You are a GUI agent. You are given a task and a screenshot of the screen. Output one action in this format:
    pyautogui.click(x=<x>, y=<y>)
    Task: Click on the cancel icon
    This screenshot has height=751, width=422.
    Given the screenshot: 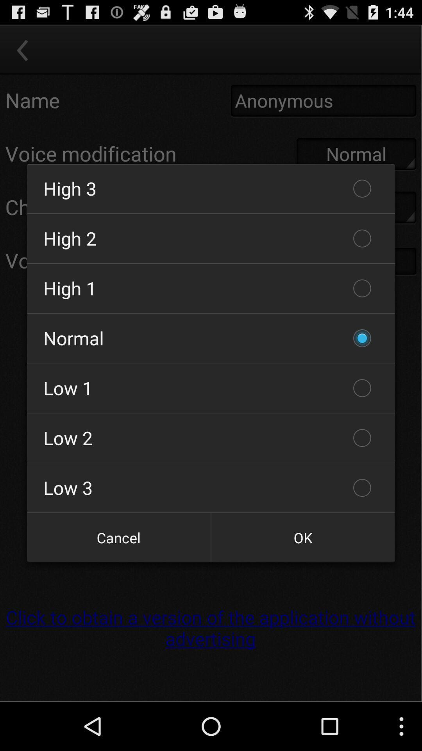 What is the action you would take?
    pyautogui.click(x=119, y=537)
    